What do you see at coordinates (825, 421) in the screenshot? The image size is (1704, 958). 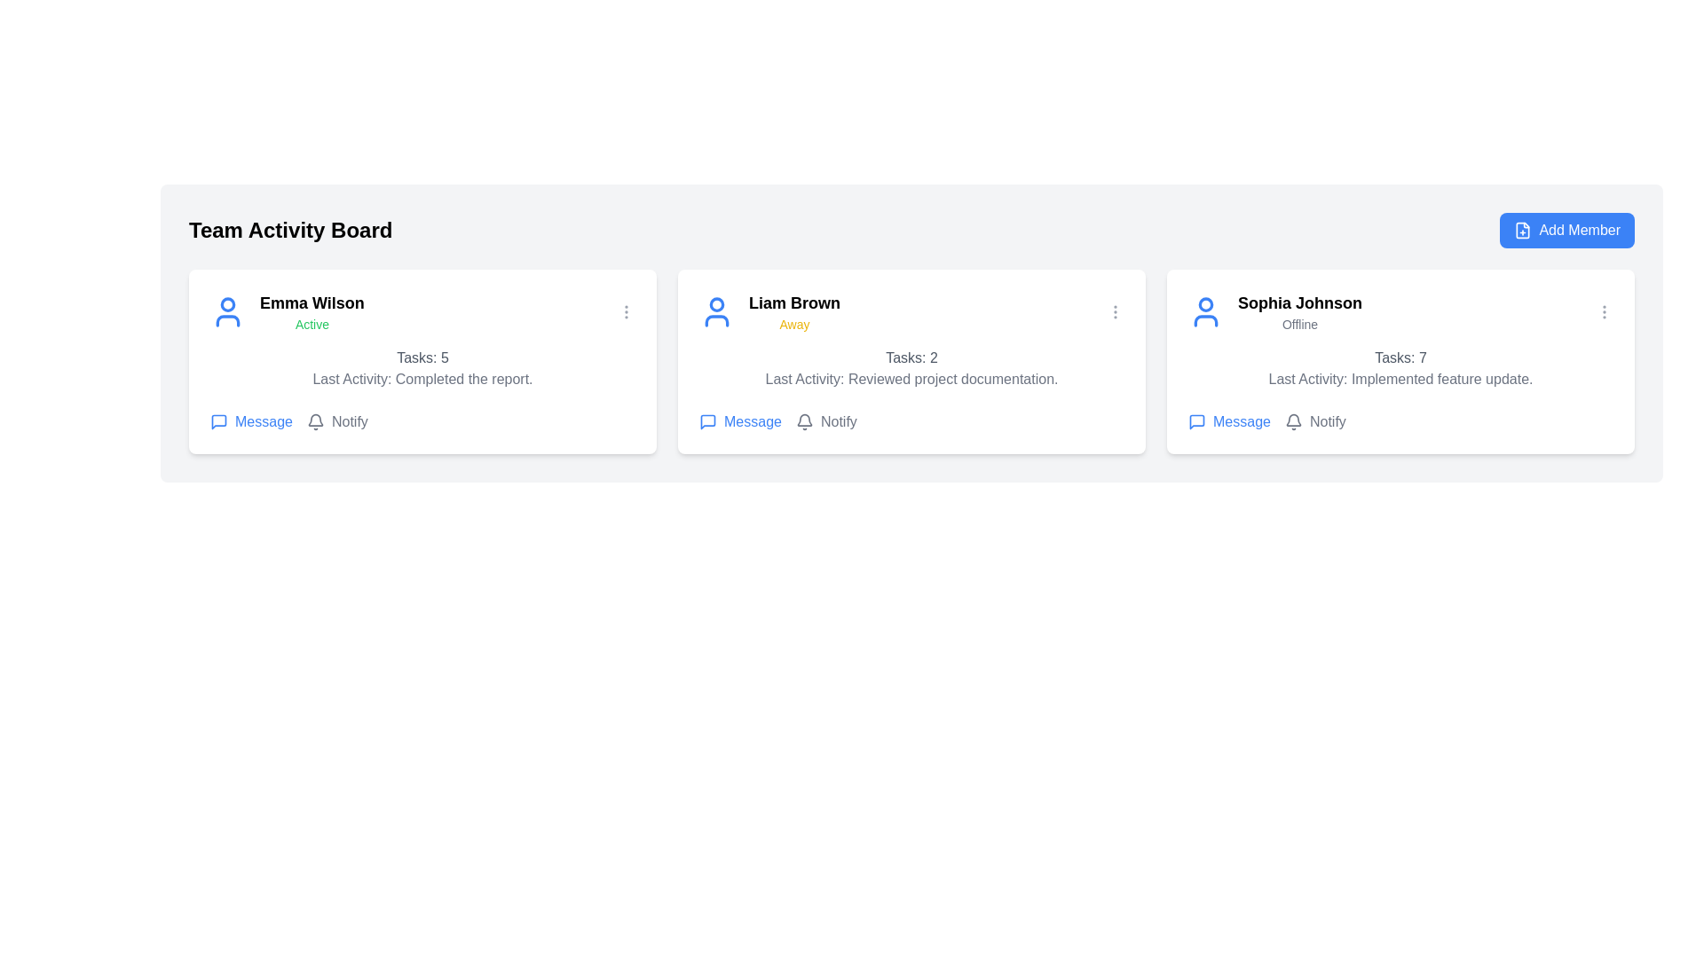 I see `the 'Notify' button, which features a bell icon and the text 'Notify', located in the bottom-right section of the card for 'Liam Brown'` at bounding box center [825, 421].